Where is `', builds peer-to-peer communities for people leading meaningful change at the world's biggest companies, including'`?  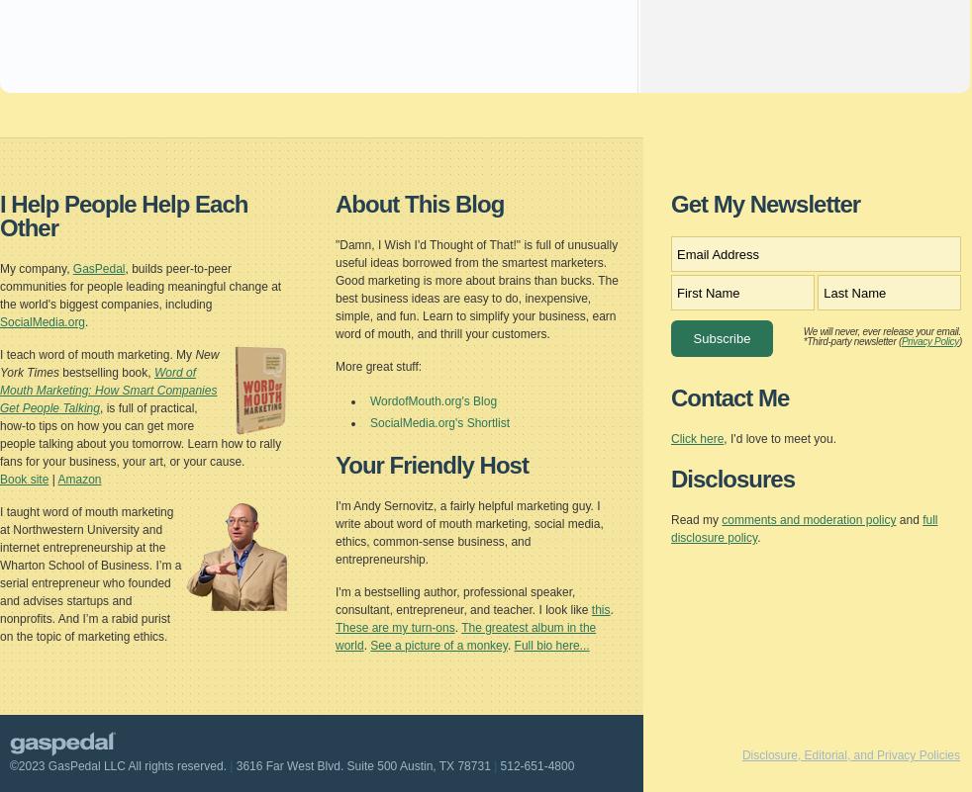 ', builds peer-to-peer communities for people leading meaningful change at the world's biggest companies, including' is located at coordinates (0, 285).